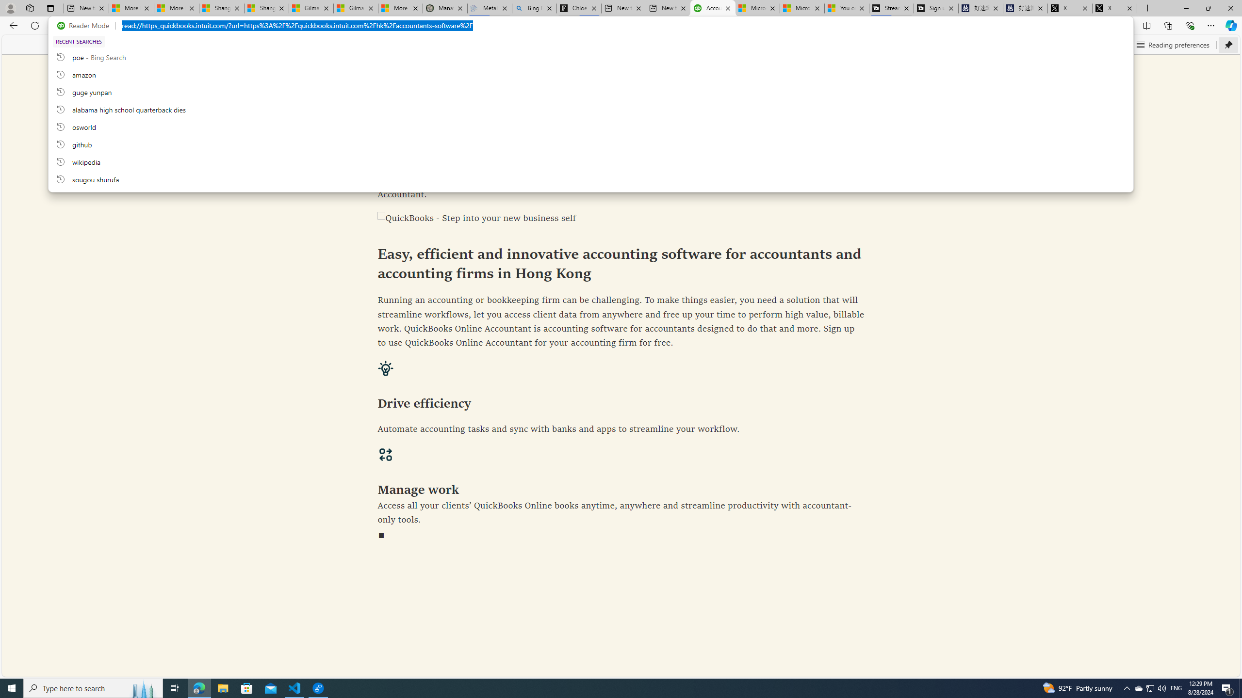  What do you see at coordinates (85, 26) in the screenshot?
I see `'Reader Mode'` at bounding box center [85, 26].